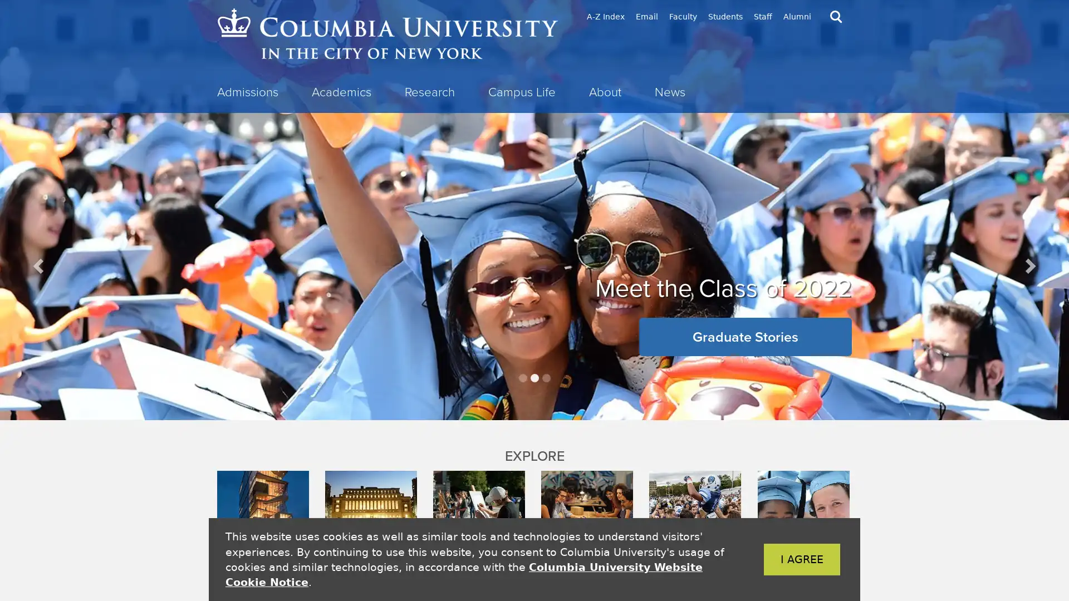 Image resolution: width=1069 pixels, height=601 pixels. Describe the element at coordinates (746, 336) in the screenshot. I see `Graduate Stories` at that location.